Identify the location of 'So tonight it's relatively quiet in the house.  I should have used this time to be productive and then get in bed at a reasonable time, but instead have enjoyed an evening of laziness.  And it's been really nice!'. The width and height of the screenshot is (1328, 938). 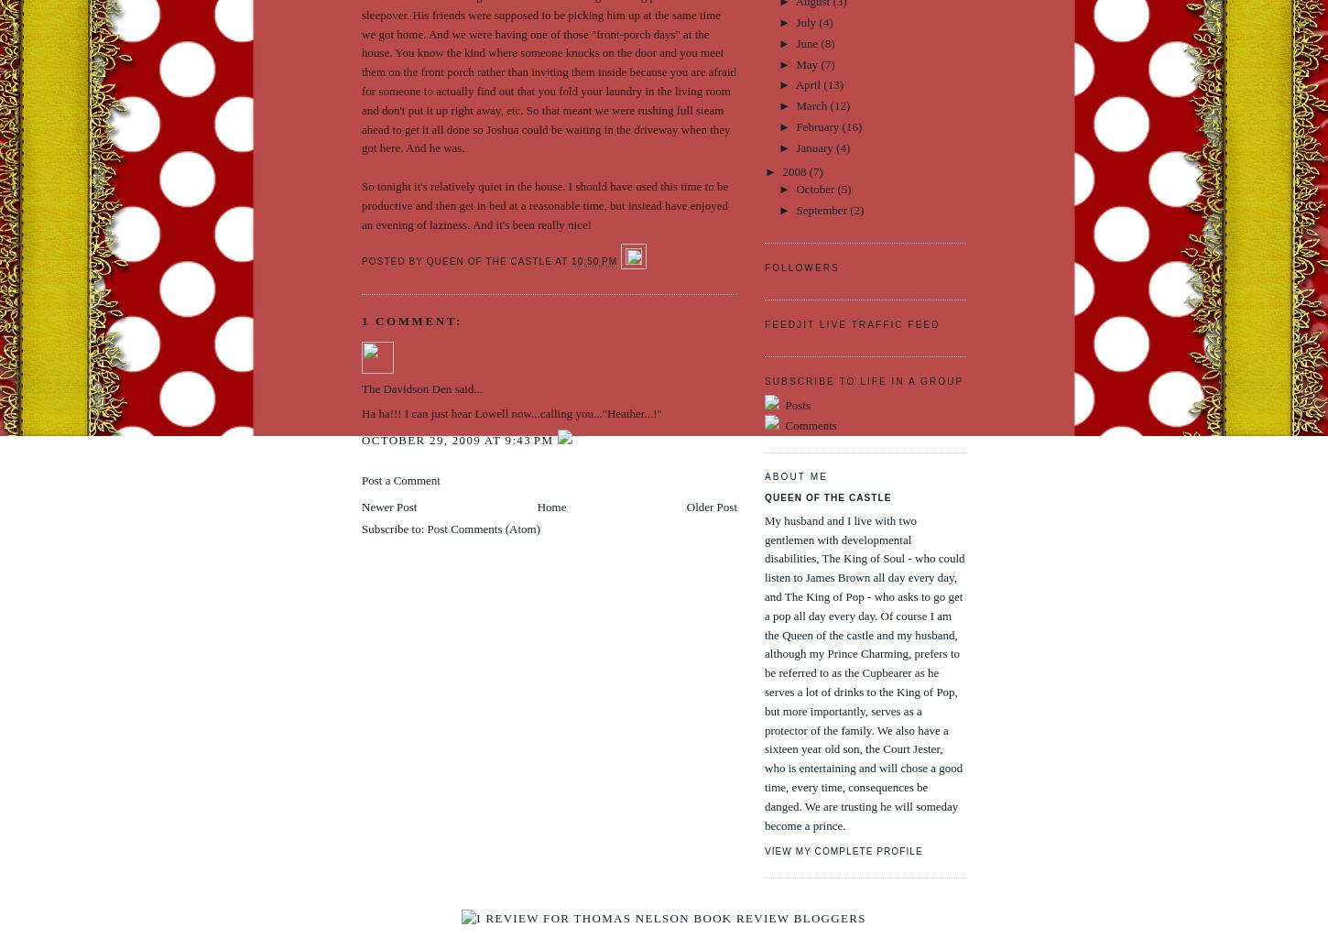
(544, 204).